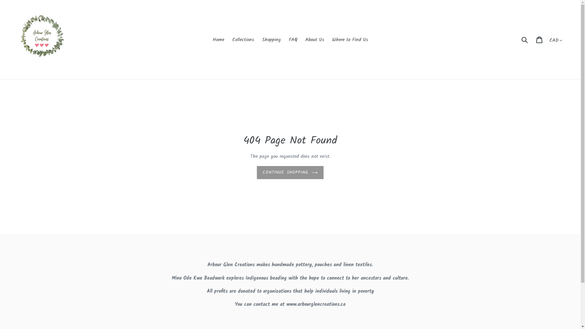  What do you see at coordinates (209, 40) in the screenshot?
I see `'Home'` at bounding box center [209, 40].